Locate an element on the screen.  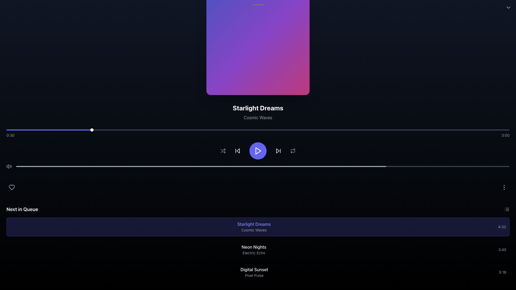
text displayed in the text block that shows the currently playing media's title and subtitle, located at the center of the layout, directly below the gradient artwork display is located at coordinates (258, 112).